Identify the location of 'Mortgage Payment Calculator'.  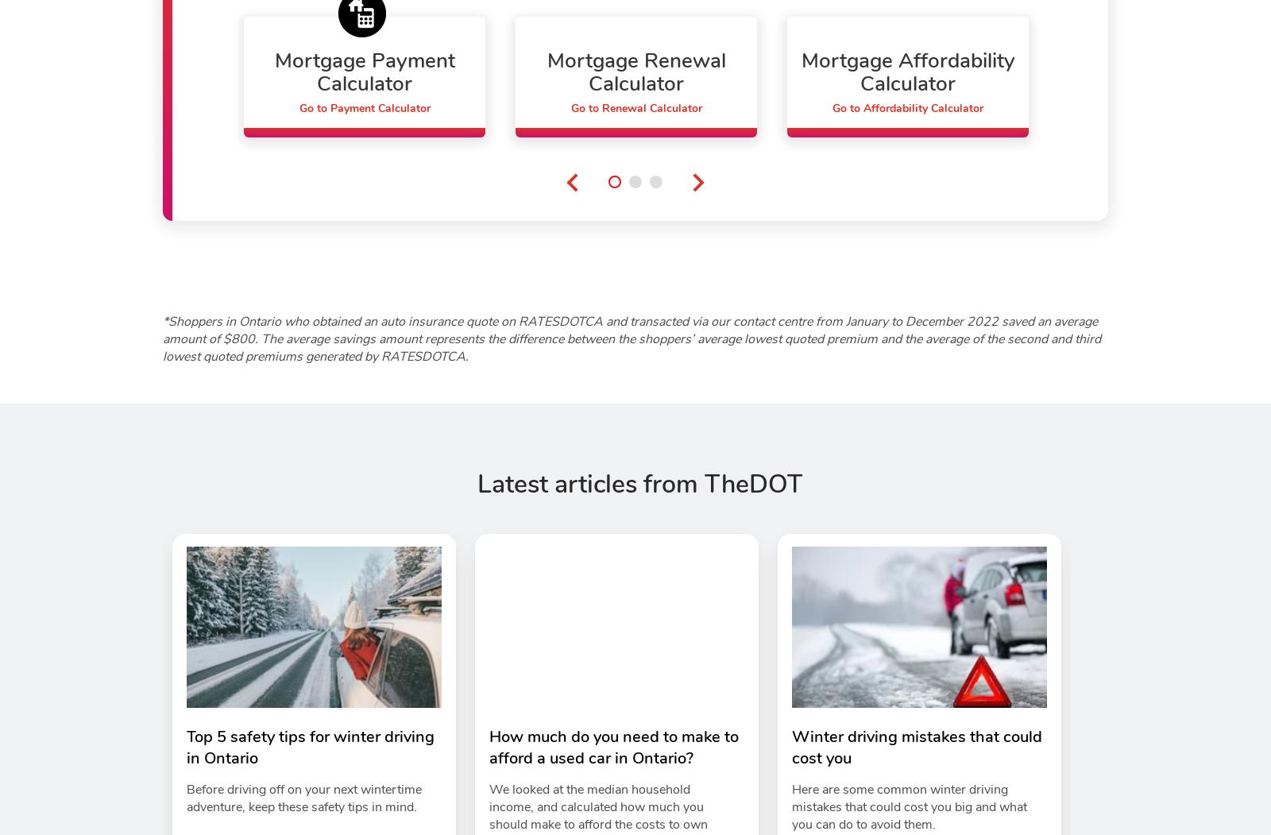
(363, 71).